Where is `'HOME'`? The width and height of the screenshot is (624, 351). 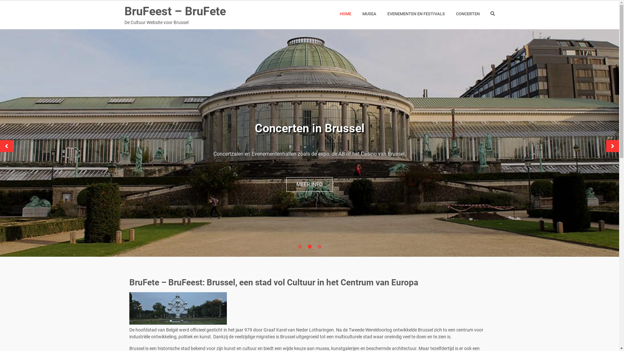
'HOME' is located at coordinates (344, 14).